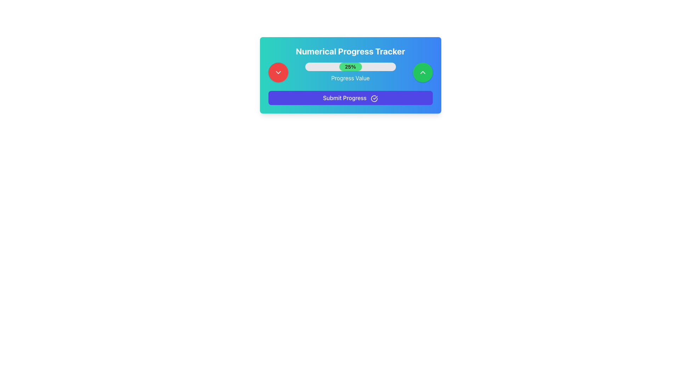  What do you see at coordinates (374, 98) in the screenshot?
I see `the circular icon with a checkmark inside, positioned inline at the right edge of the 'Submit Progress' button, to confirm submission` at bounding box center [374, 98].